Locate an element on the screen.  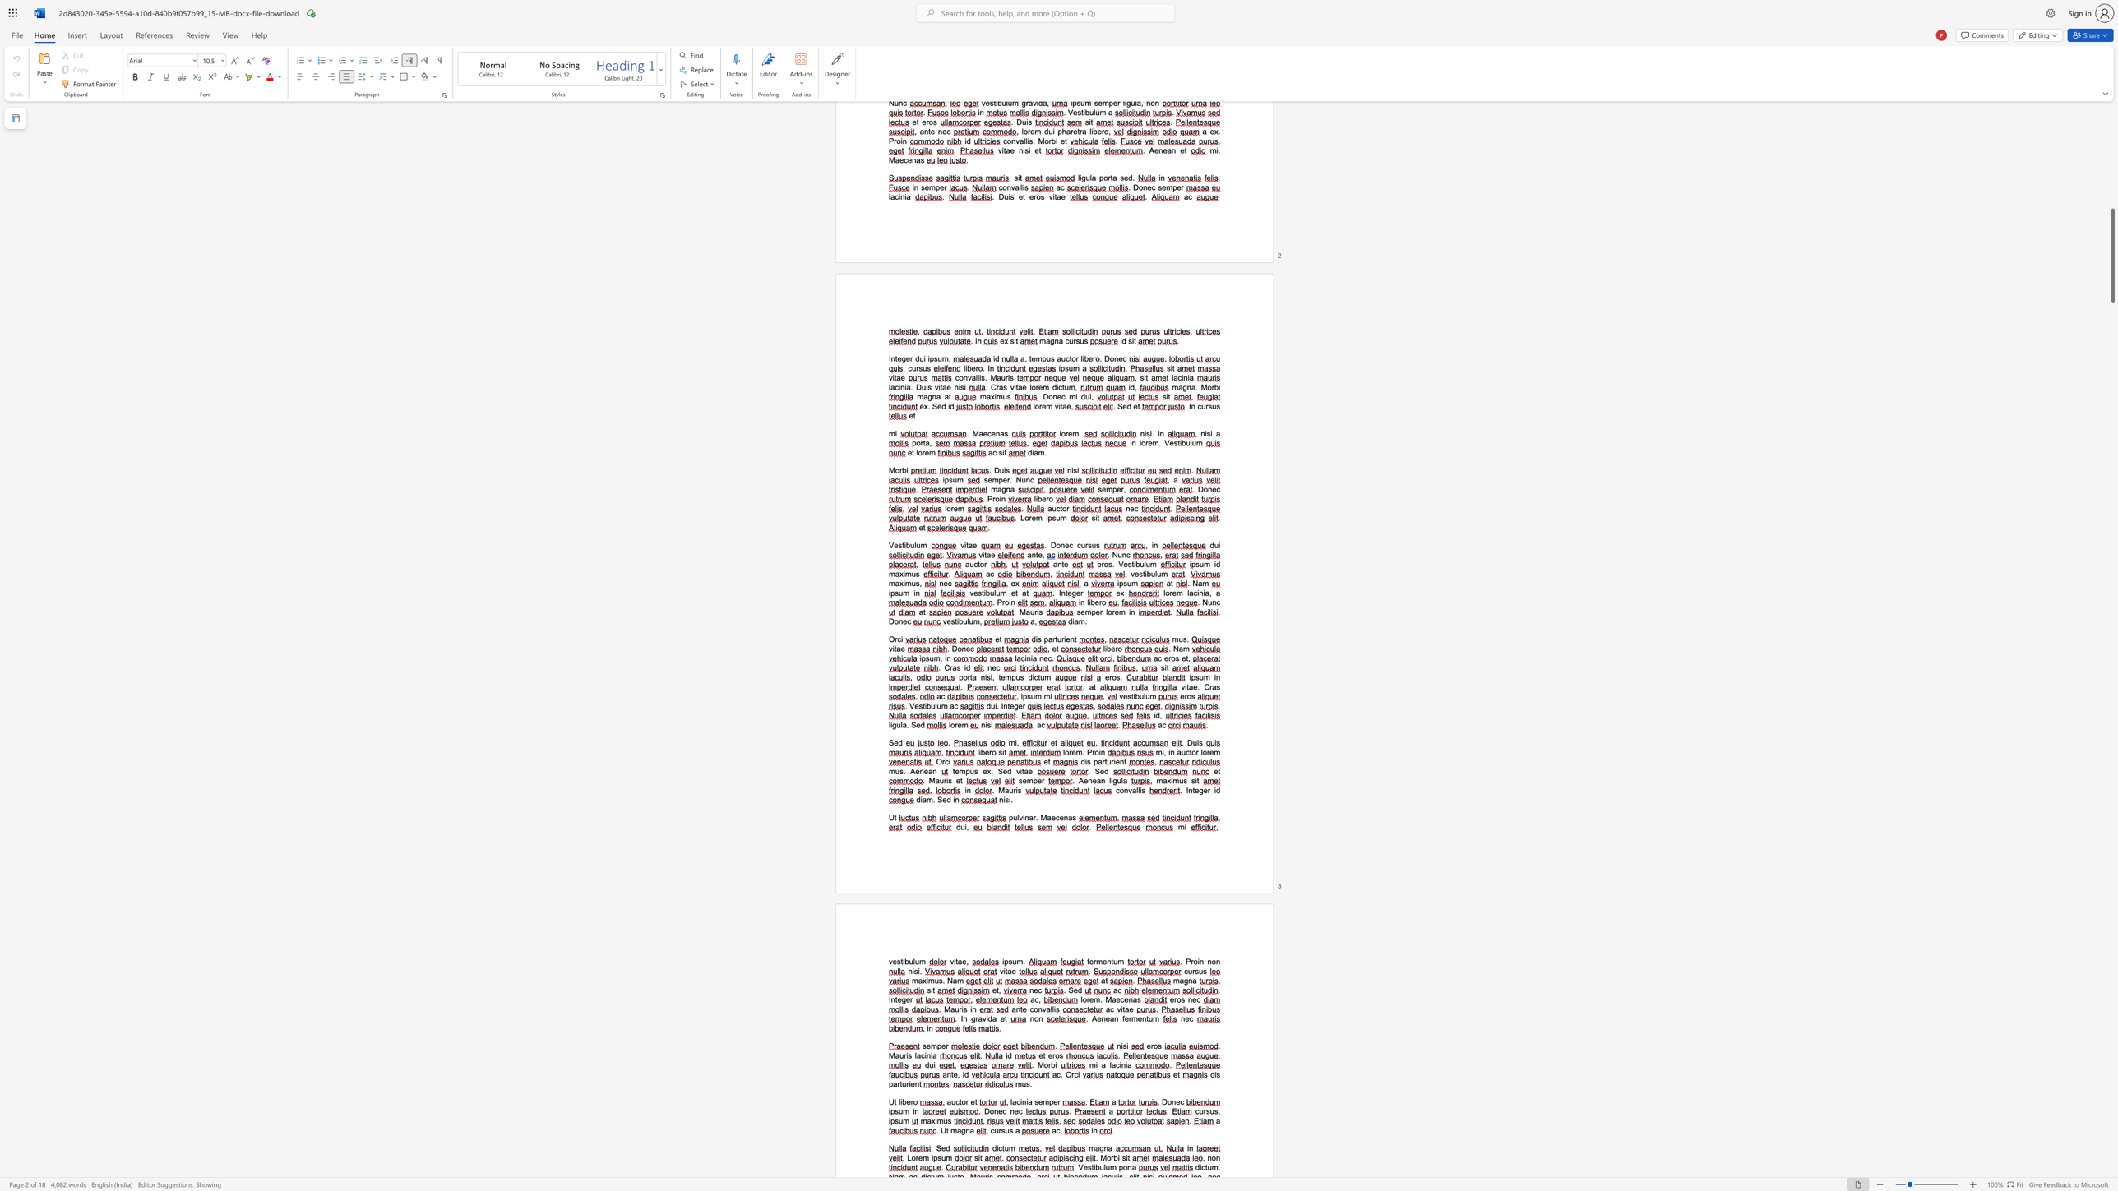
the 1th character "c" in the text is located at coordinates (1058, 1074).